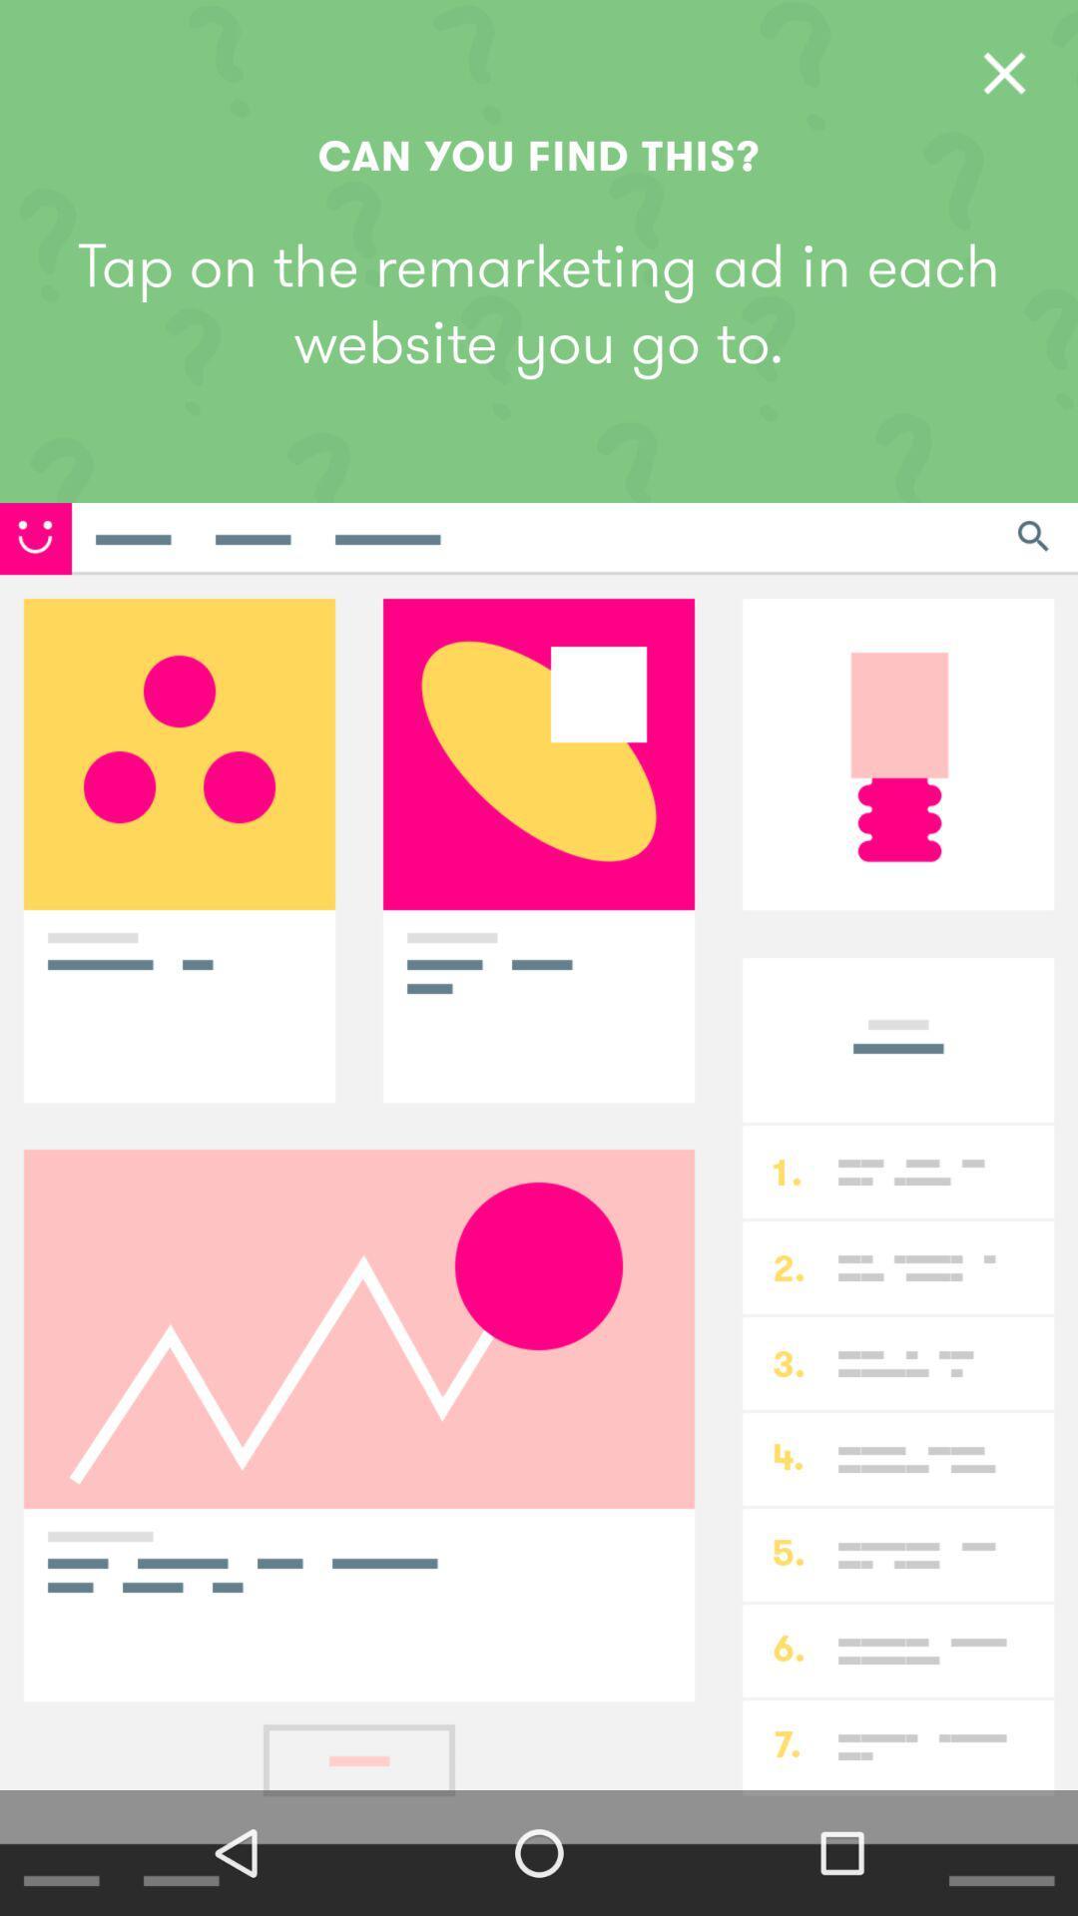  What do you see at coordinates (1004, 73) in the screenshot?
I see `the close icon` at bounding box center [1004, 73].